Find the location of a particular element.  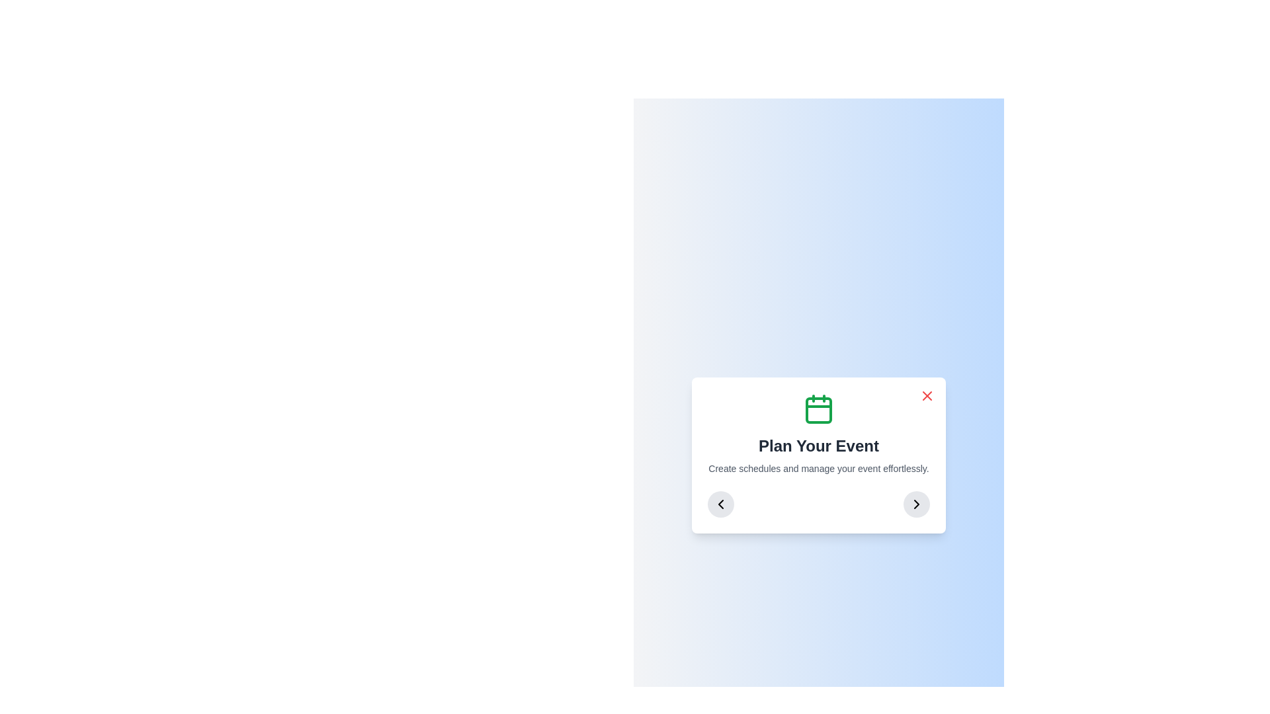

the green calendar icon, which is centrally positioned above the 'Plan Your Event' text within the card interface is located at coordinates (818, 408).